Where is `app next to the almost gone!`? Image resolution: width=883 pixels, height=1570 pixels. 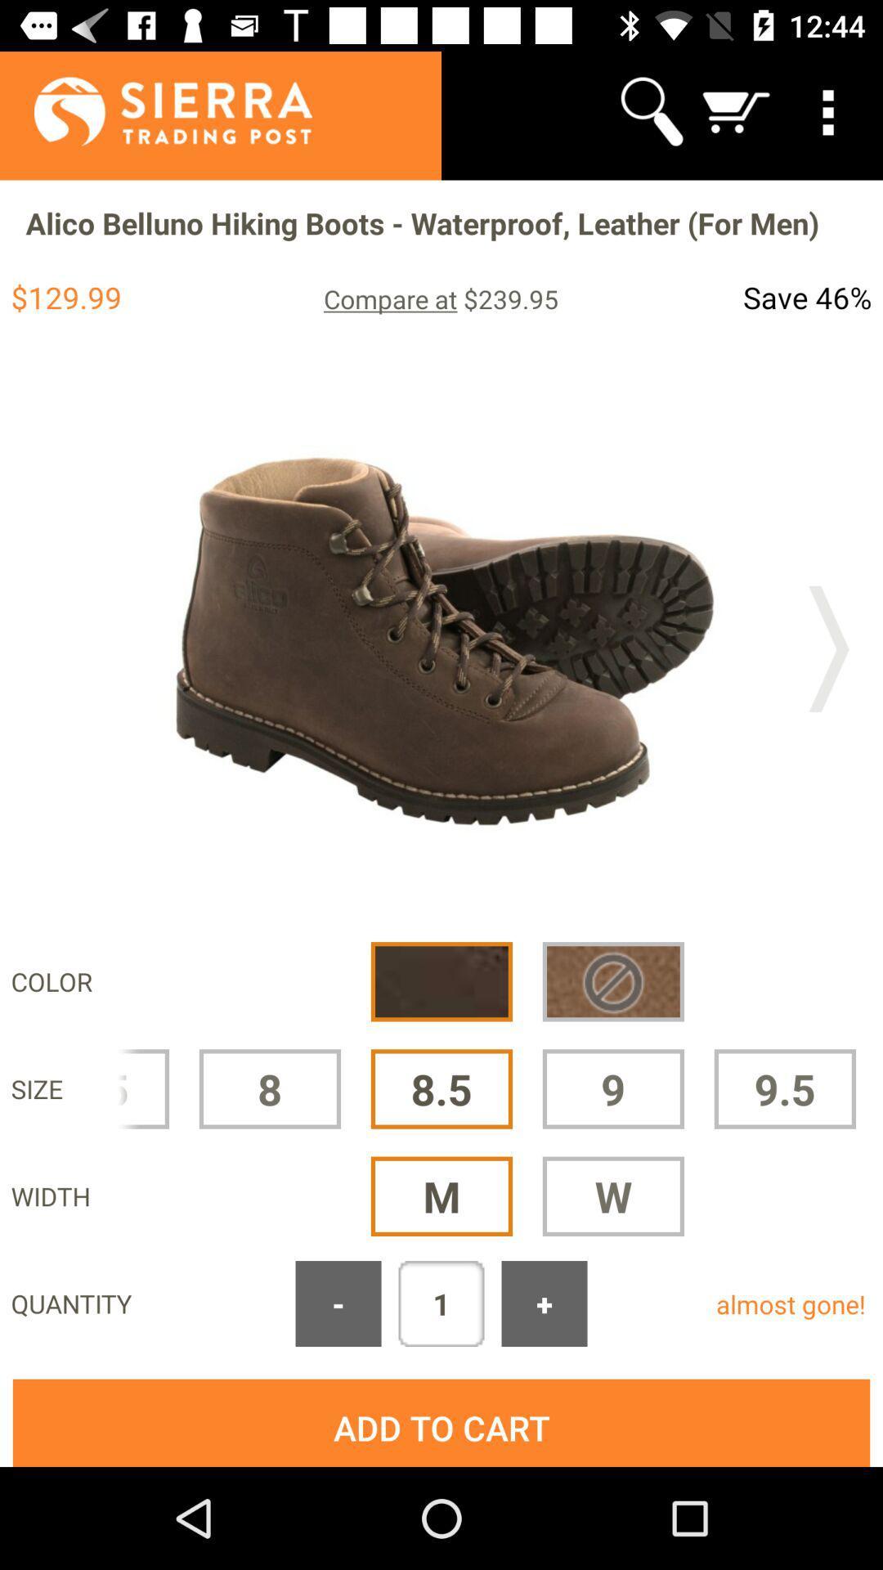 app next to the almost gone! is located at coordinates (545, 1303).